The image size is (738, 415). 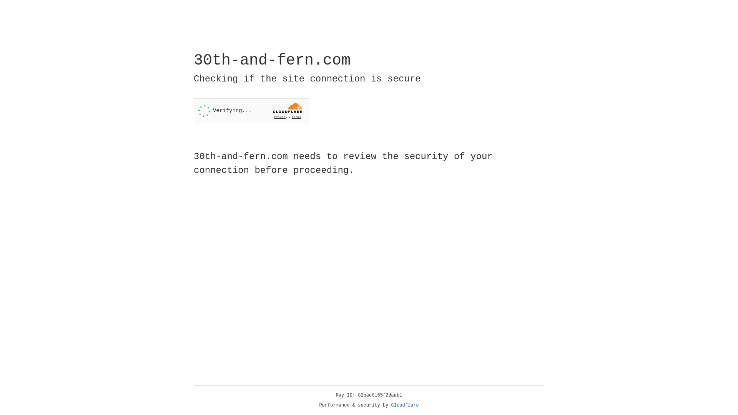 What do you see at coordinates (405, 405) in the screenshot?
I see `'Cloudflare'` at bounding box center [405, 405].